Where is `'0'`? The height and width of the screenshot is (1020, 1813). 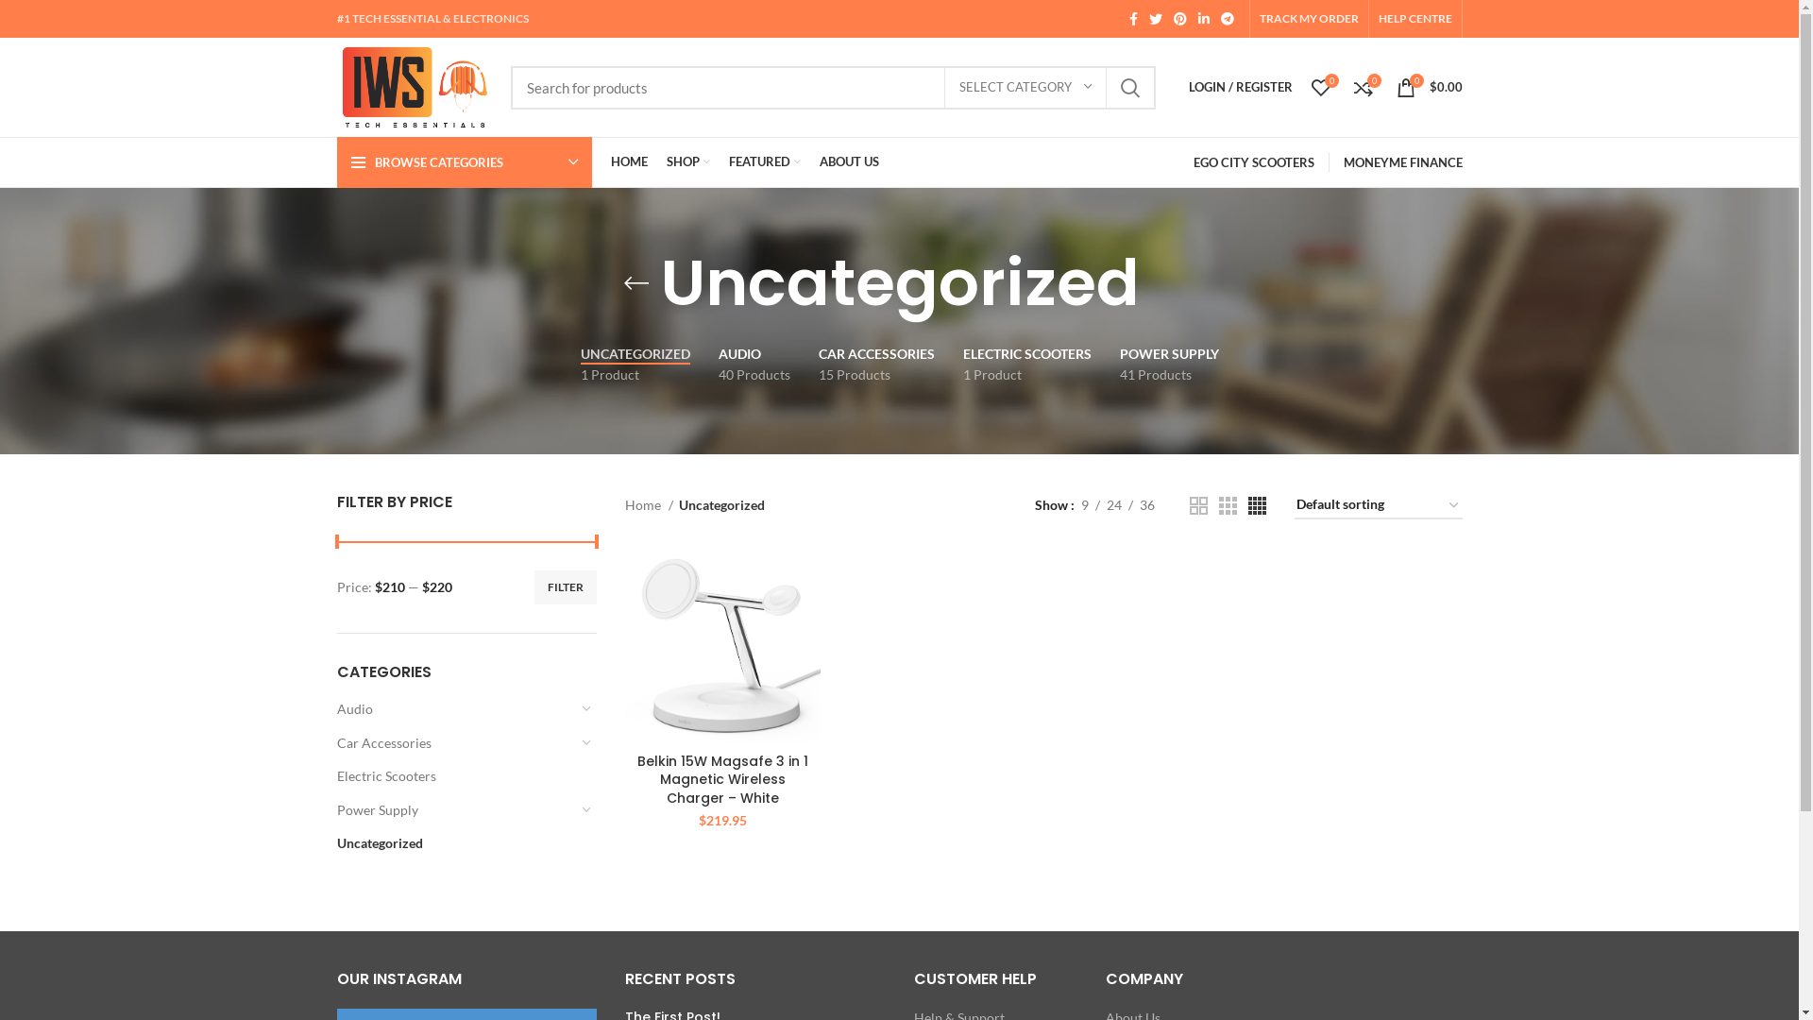 '0' is located at coordinates (1364, 87).